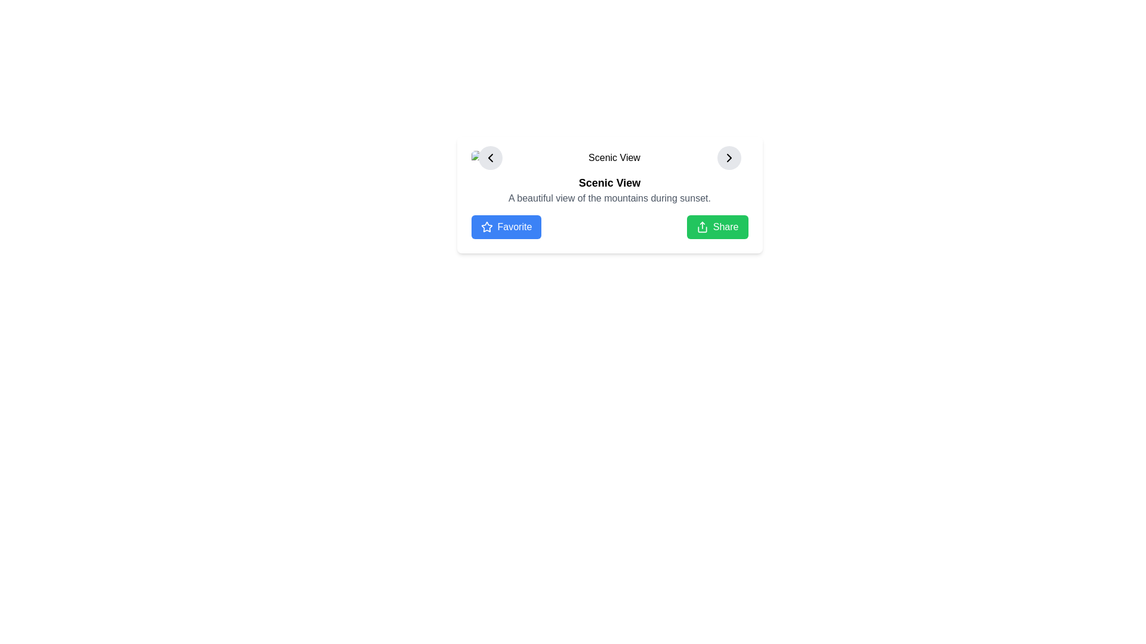  What do you see at coordinates (717, 227) in the screenshot?
I see `the green 'Share' button with rounded corners and white text to indicate its active state` at bounding box center [717, 227].